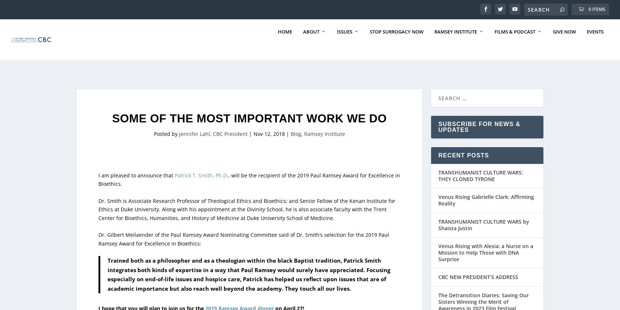 Image resolution: width=620 pixels, height=310 pixels. I want to click on 'Nov 12, 2018', so click(269, 118).